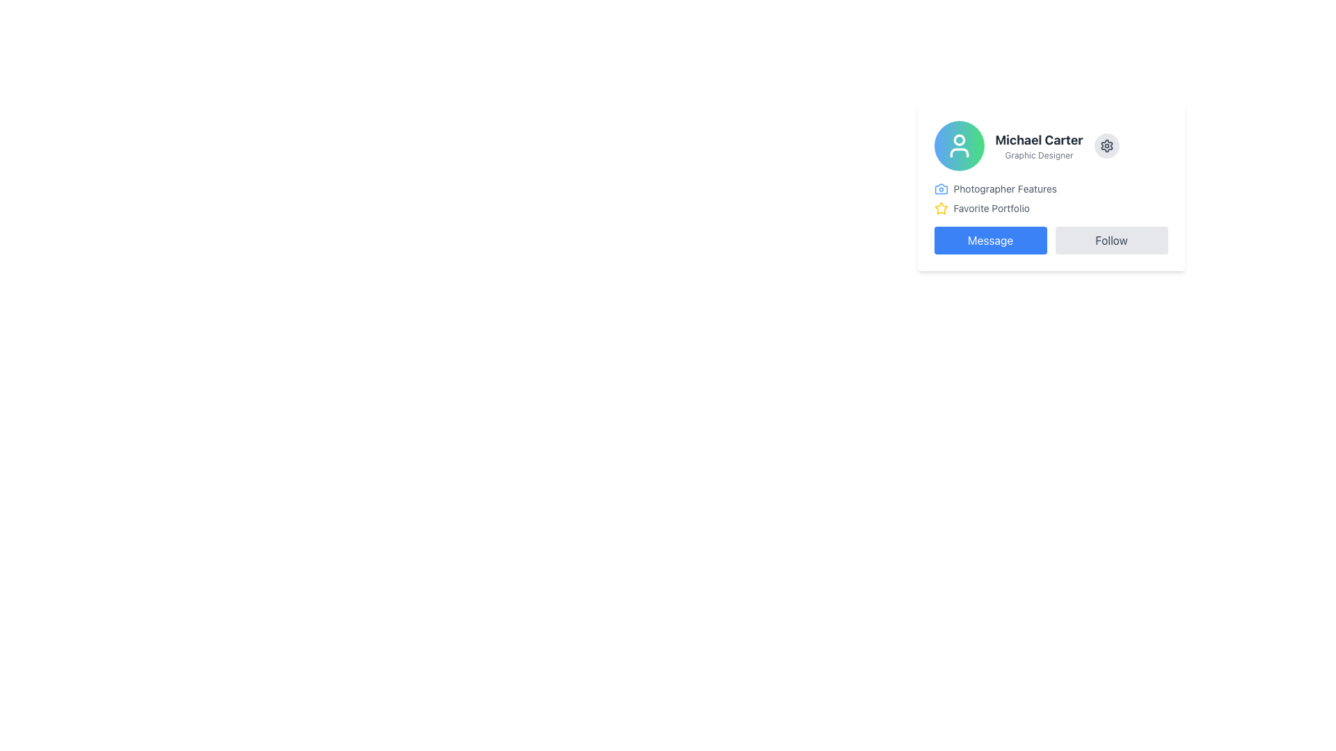 The image size is (1336, 751). Describe the element at coordinates (1111, 240) in the screenshot. I see `the 'Follow' button, which is a rectangular button with a light gray background and dark gray text, located to the right of the 'Message' button in the lower section of the profile card layout` at that location.